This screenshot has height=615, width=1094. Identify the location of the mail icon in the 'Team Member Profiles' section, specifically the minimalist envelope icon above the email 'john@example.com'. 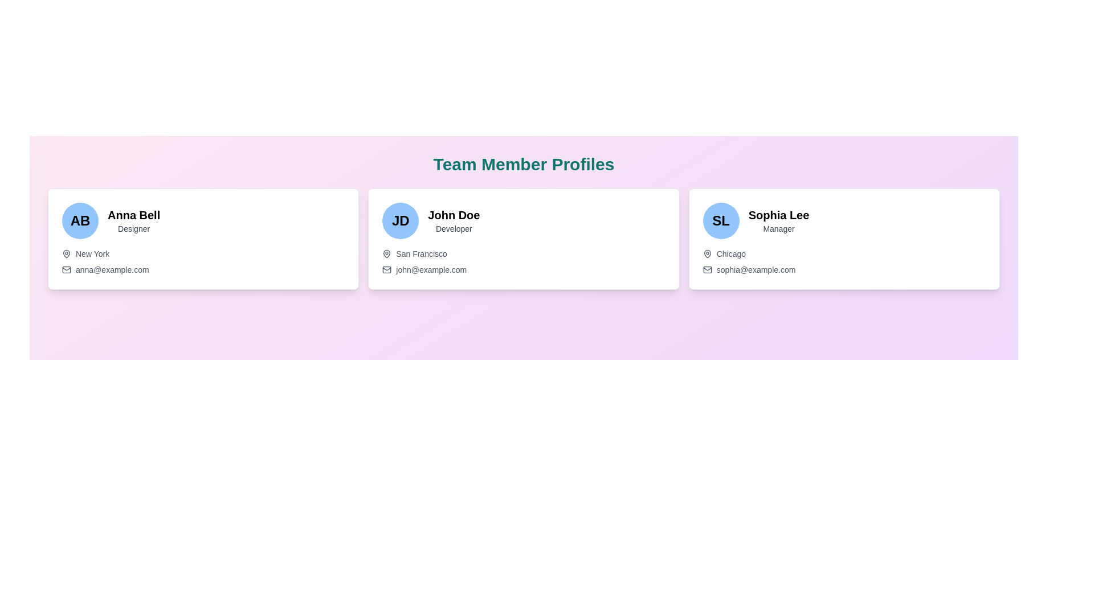
(387, 270).